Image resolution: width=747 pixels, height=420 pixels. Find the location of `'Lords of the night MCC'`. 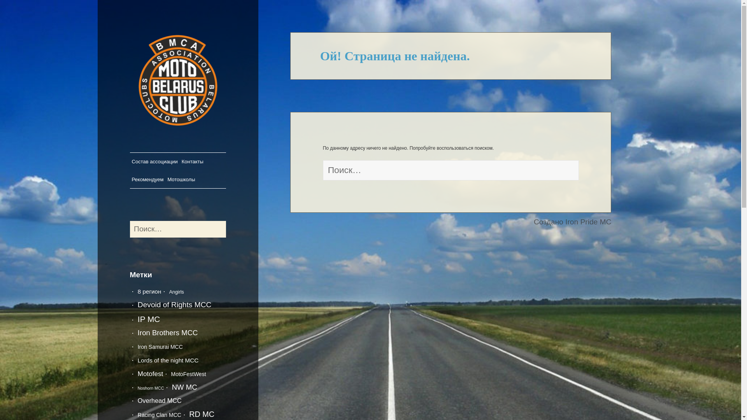

'Lords of the night MCC' is located at coordinates (138, 360).